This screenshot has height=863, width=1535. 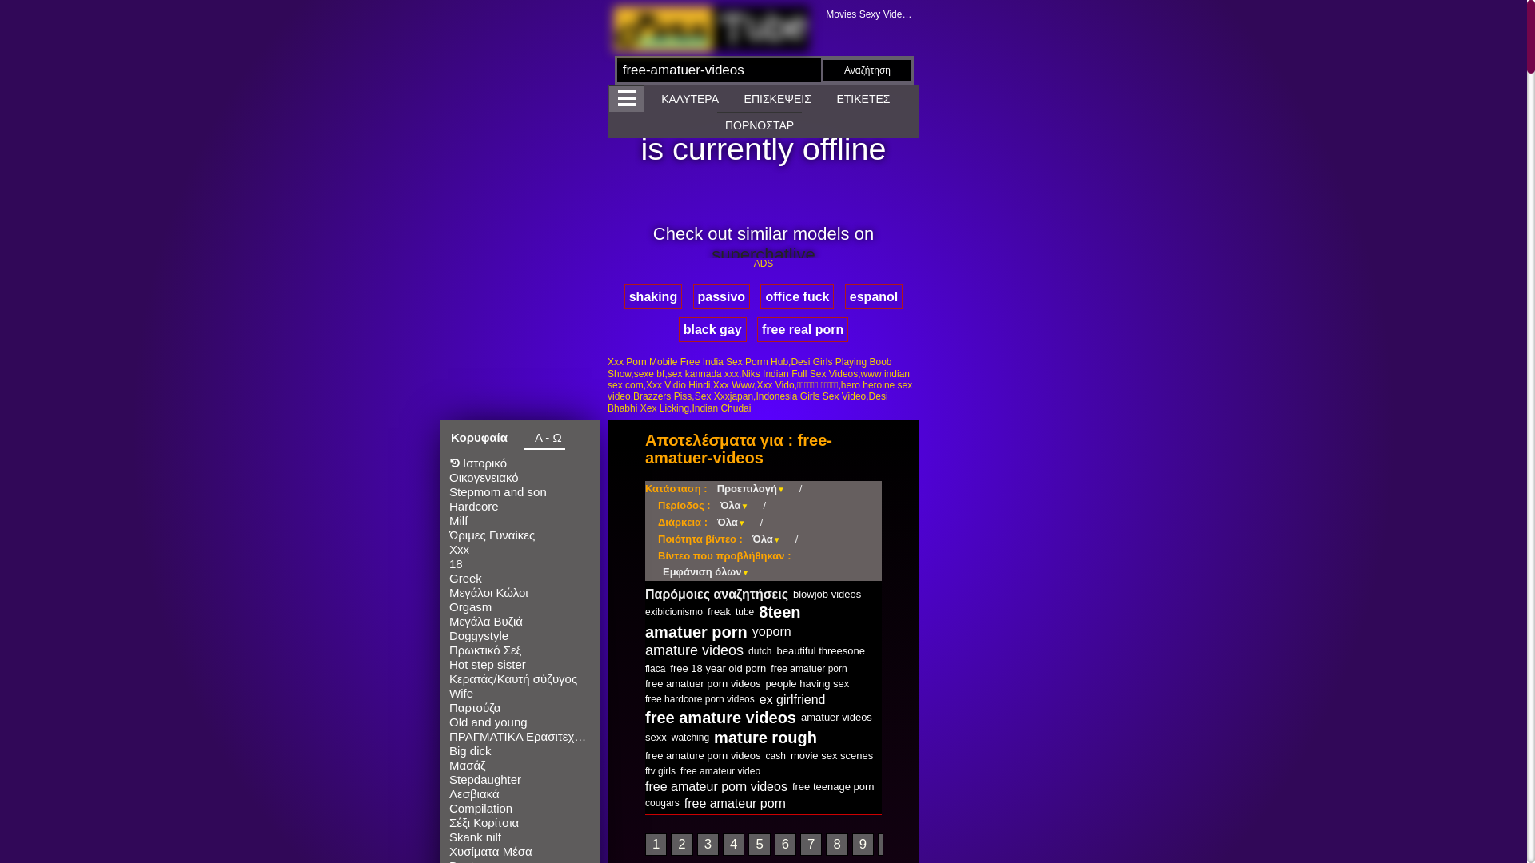 I want to click on '18', so click(x=519, y=563).